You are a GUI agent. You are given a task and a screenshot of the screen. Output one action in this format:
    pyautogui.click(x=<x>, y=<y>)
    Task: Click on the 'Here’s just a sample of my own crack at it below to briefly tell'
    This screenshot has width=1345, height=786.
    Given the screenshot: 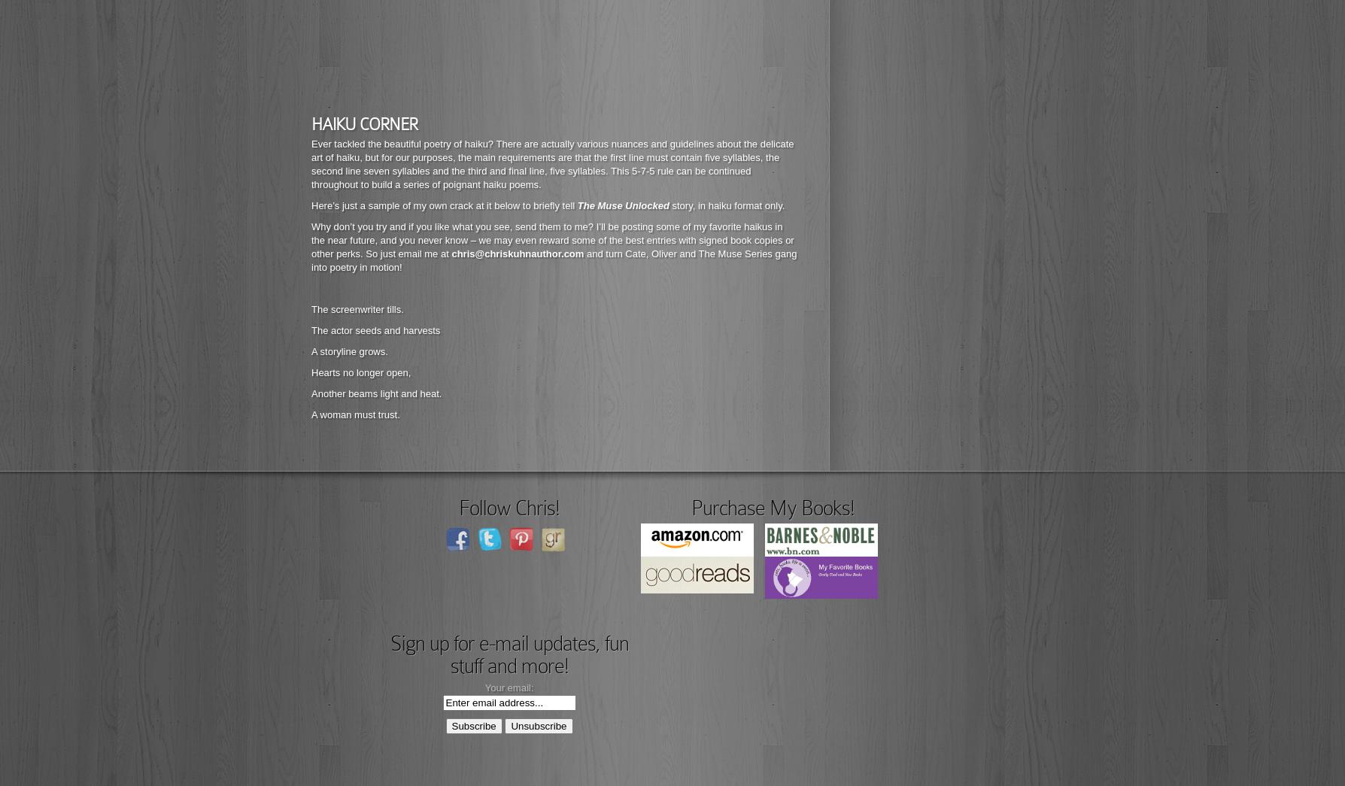 What is the action you would take?
    pyautogui.click(x=310, y=205)
    